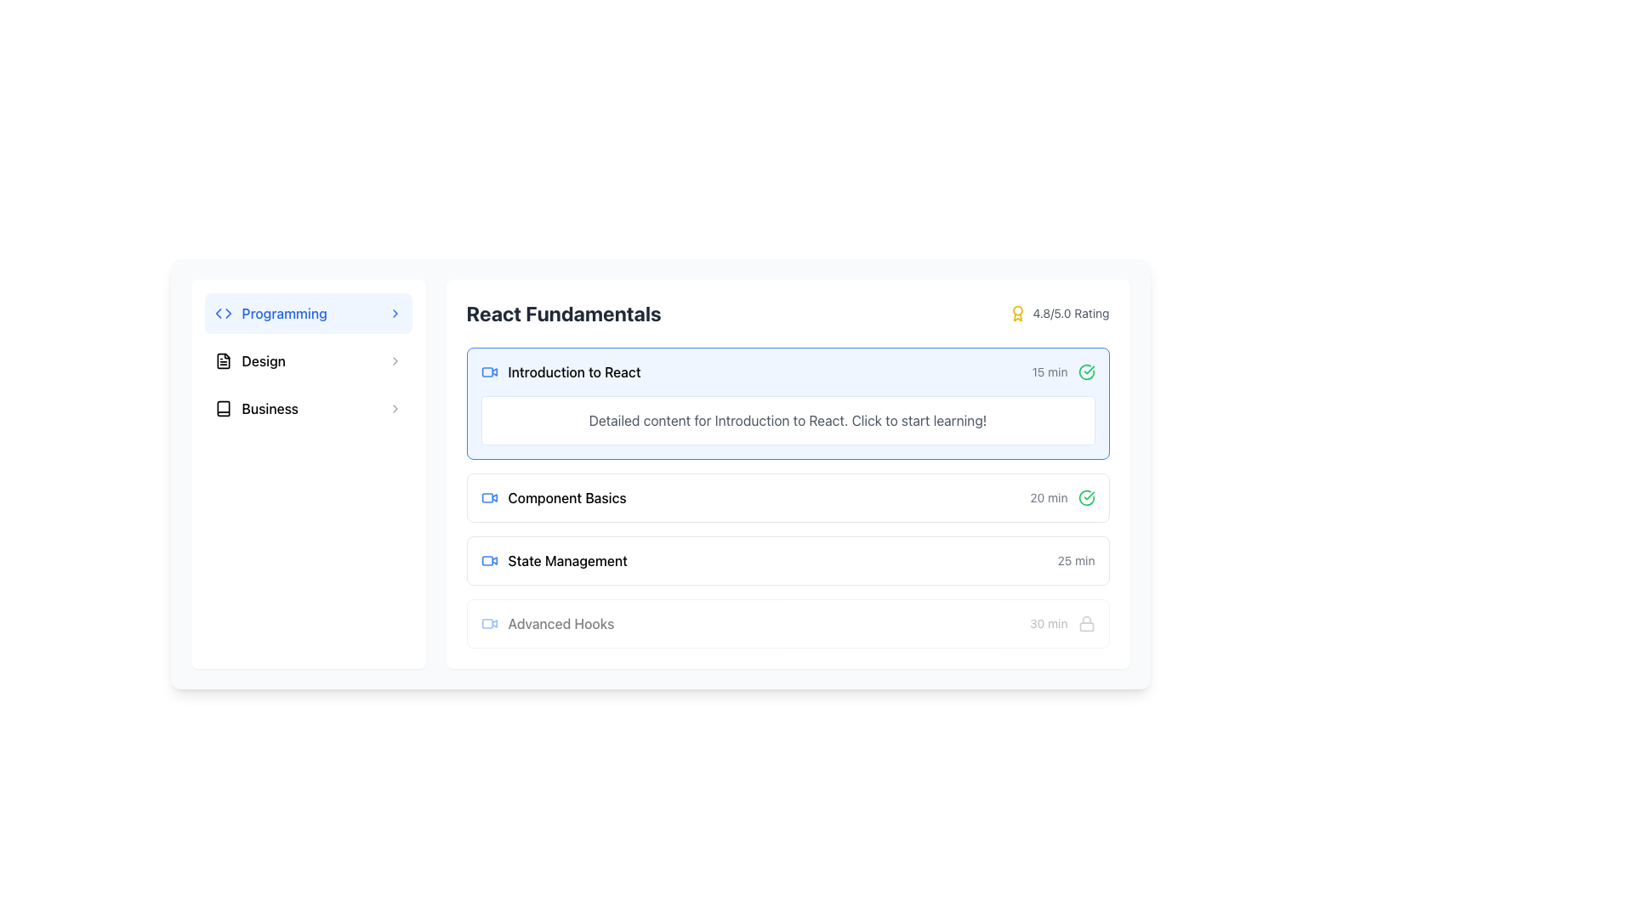 The width and height of the screenshot is (1633, 918). Describe the element at coordinates (394, 409) in the screenshot. I see `the right-facing chevron icon, which is grayish in color and positioned at the end of the 'Business' option row, indicating further navigation or expansion` at that location.